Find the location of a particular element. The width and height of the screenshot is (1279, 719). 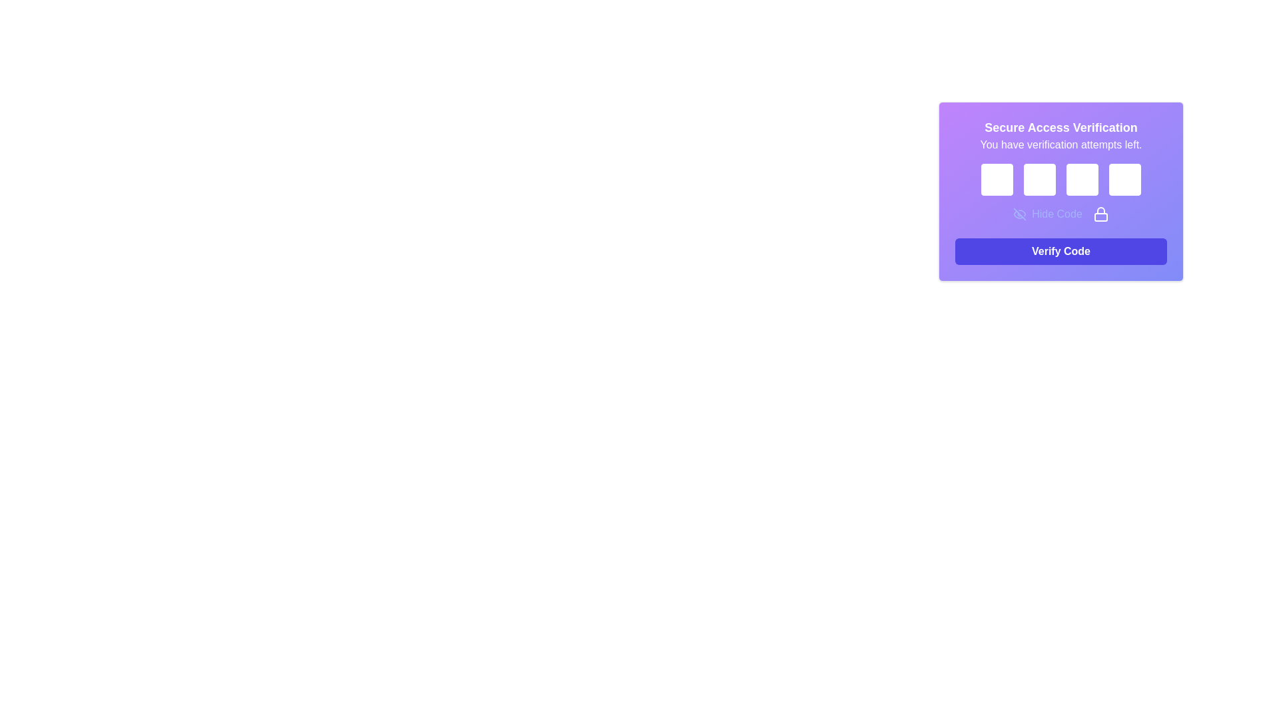

the toggle button on the right side of the dialog box is located at coordinates (1047, 213).